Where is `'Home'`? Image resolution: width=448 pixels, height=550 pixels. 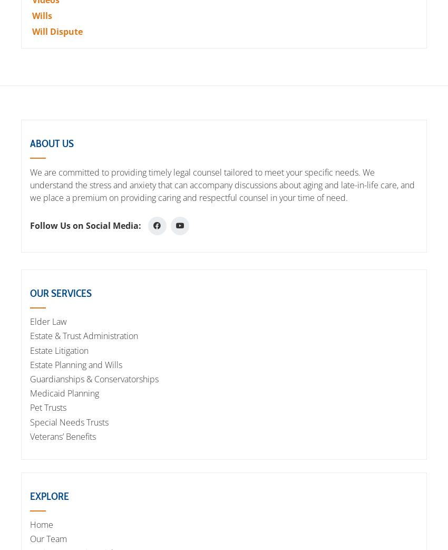
'Home' is located at coordinates (41, 525).